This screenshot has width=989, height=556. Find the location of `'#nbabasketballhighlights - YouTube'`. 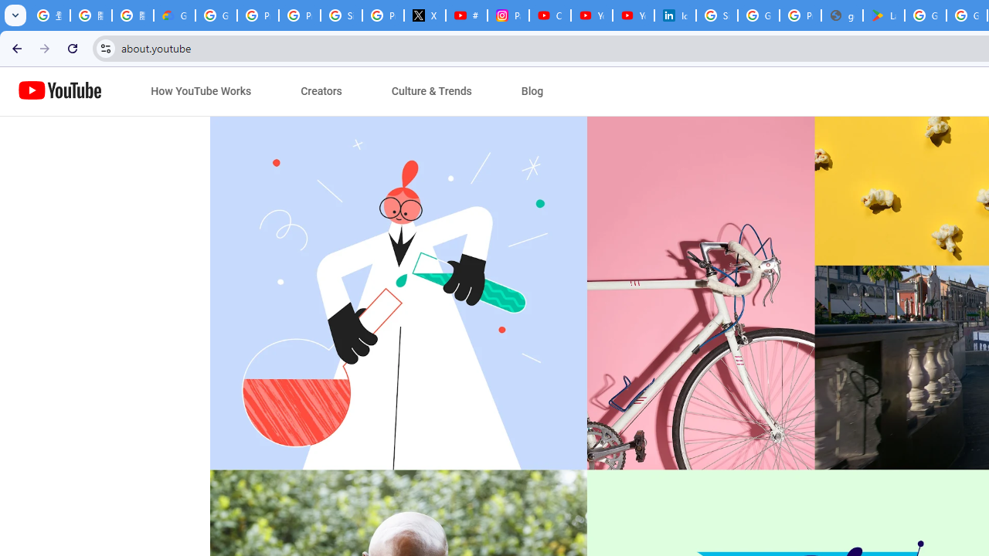

'#nbabasketballhighlights - YouTube' is located at coordinates (466, 15).